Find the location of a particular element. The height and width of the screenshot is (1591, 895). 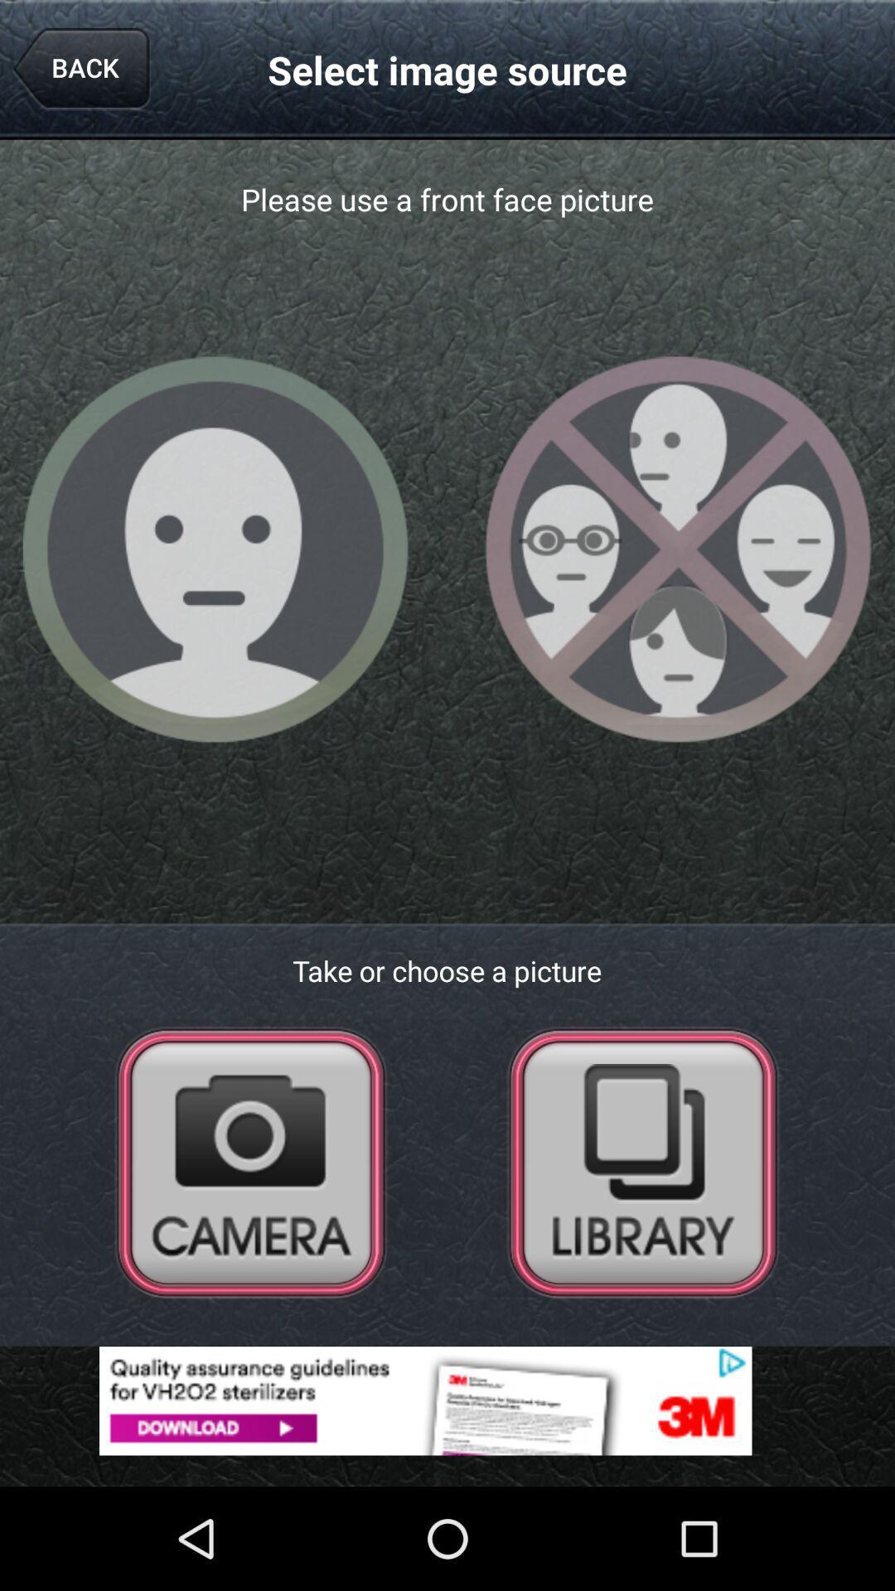

open the camera is located at coordinates (251, 1161).